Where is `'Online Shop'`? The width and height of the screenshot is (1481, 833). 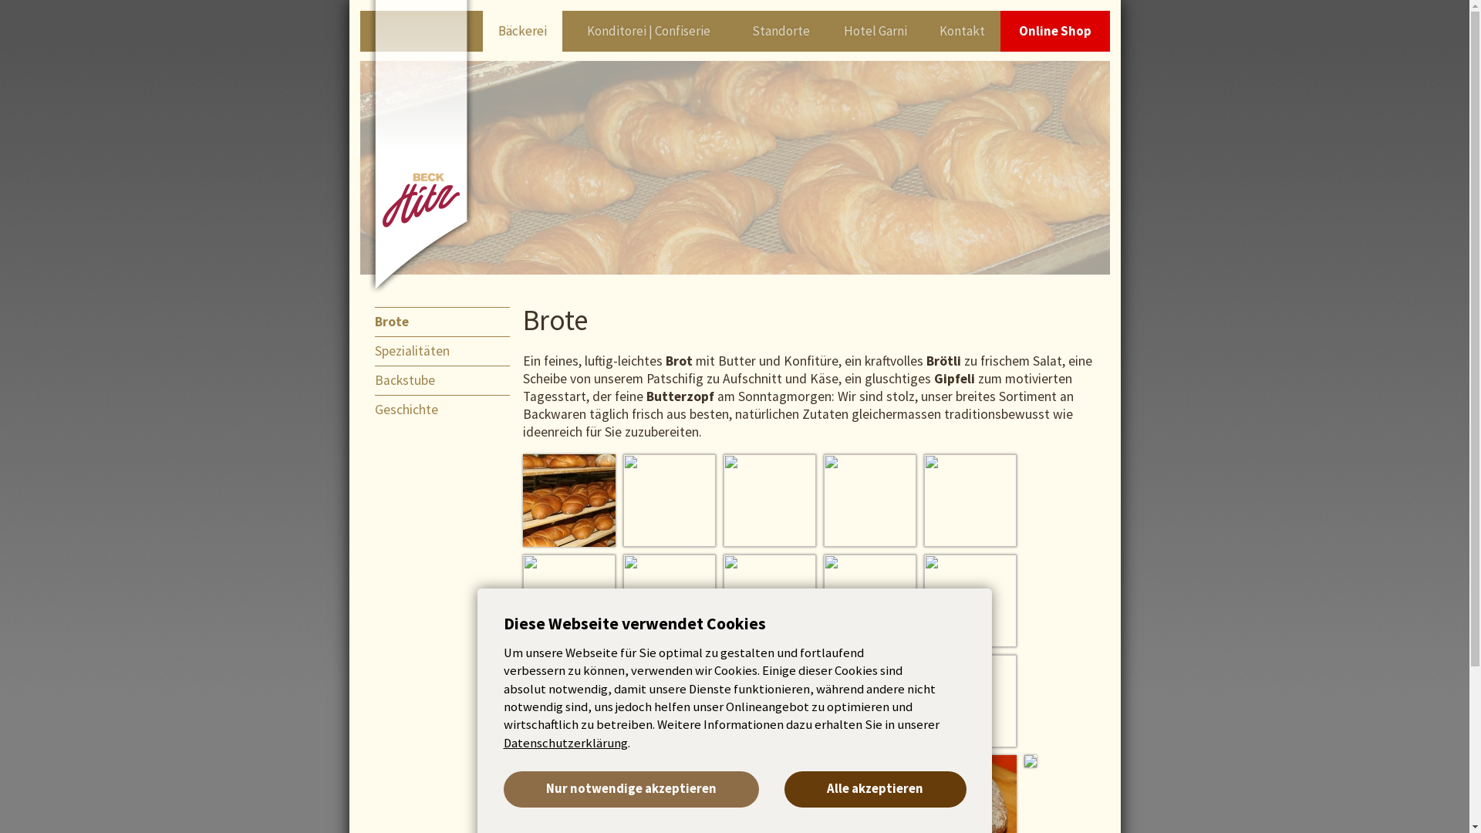
'Online Shop' is located at coordinates (1054, 31).